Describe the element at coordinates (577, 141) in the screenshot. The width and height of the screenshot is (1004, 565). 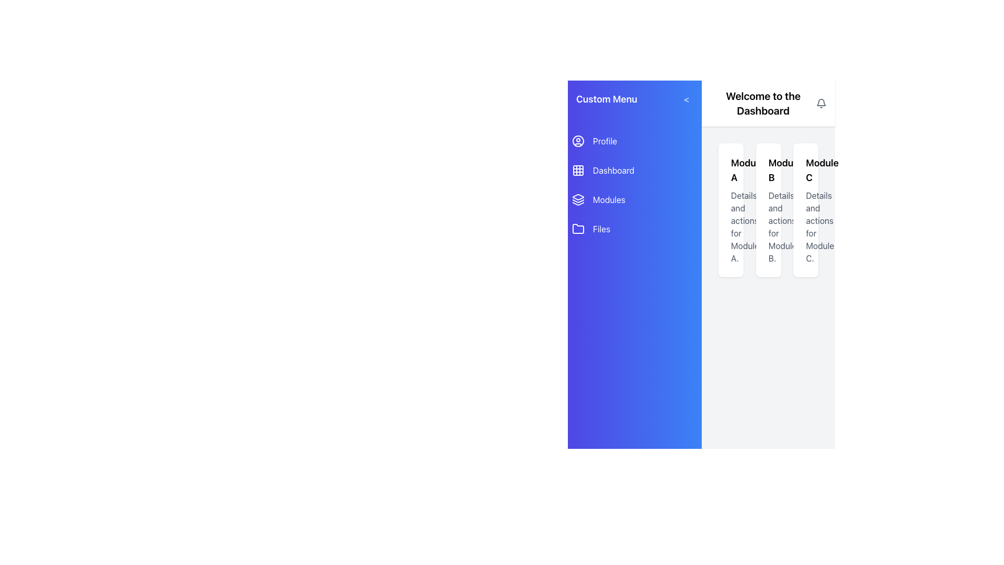
I see `the user profile icon, which is the first icon in the sidebar menu under the 'Custom Menu' header` at that location.